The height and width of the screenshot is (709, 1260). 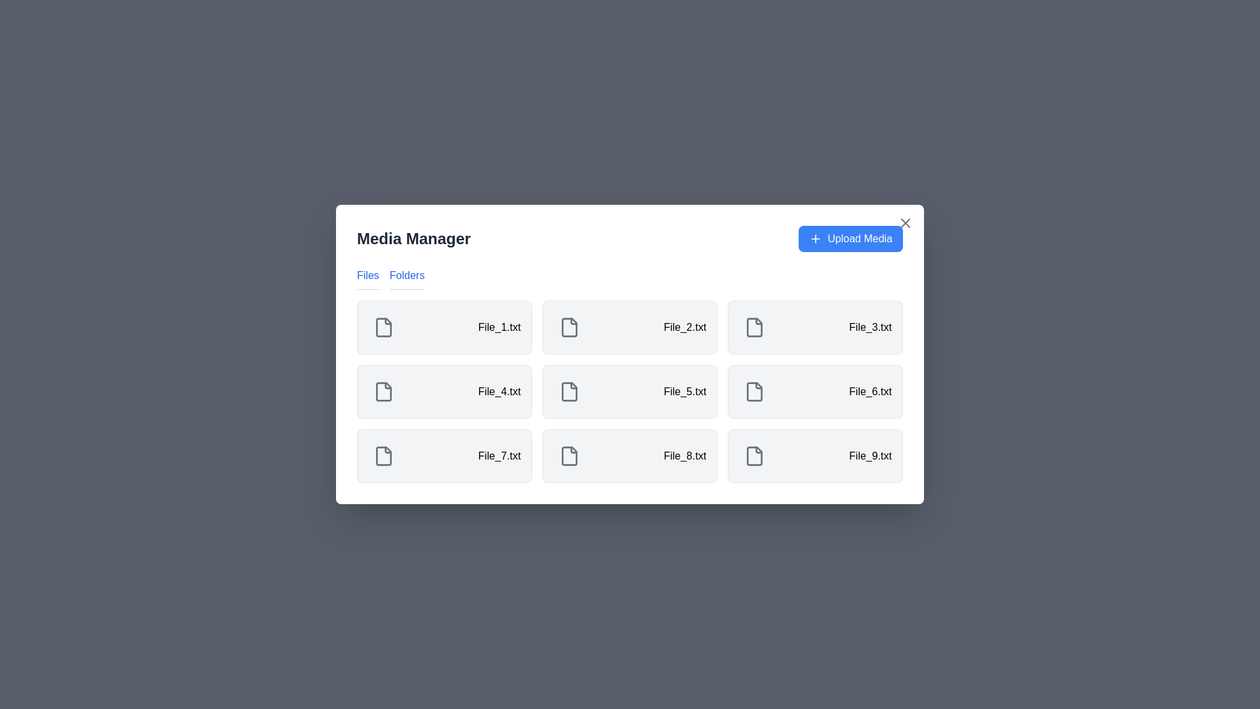 What do you see at coordinates (905, 222) in the screenshot?
I see `the interactive button with an 'X' icon located in the top-right corner of the 'Media Manager' panel to trigger the color change effect` at bounding box center [905, 222].